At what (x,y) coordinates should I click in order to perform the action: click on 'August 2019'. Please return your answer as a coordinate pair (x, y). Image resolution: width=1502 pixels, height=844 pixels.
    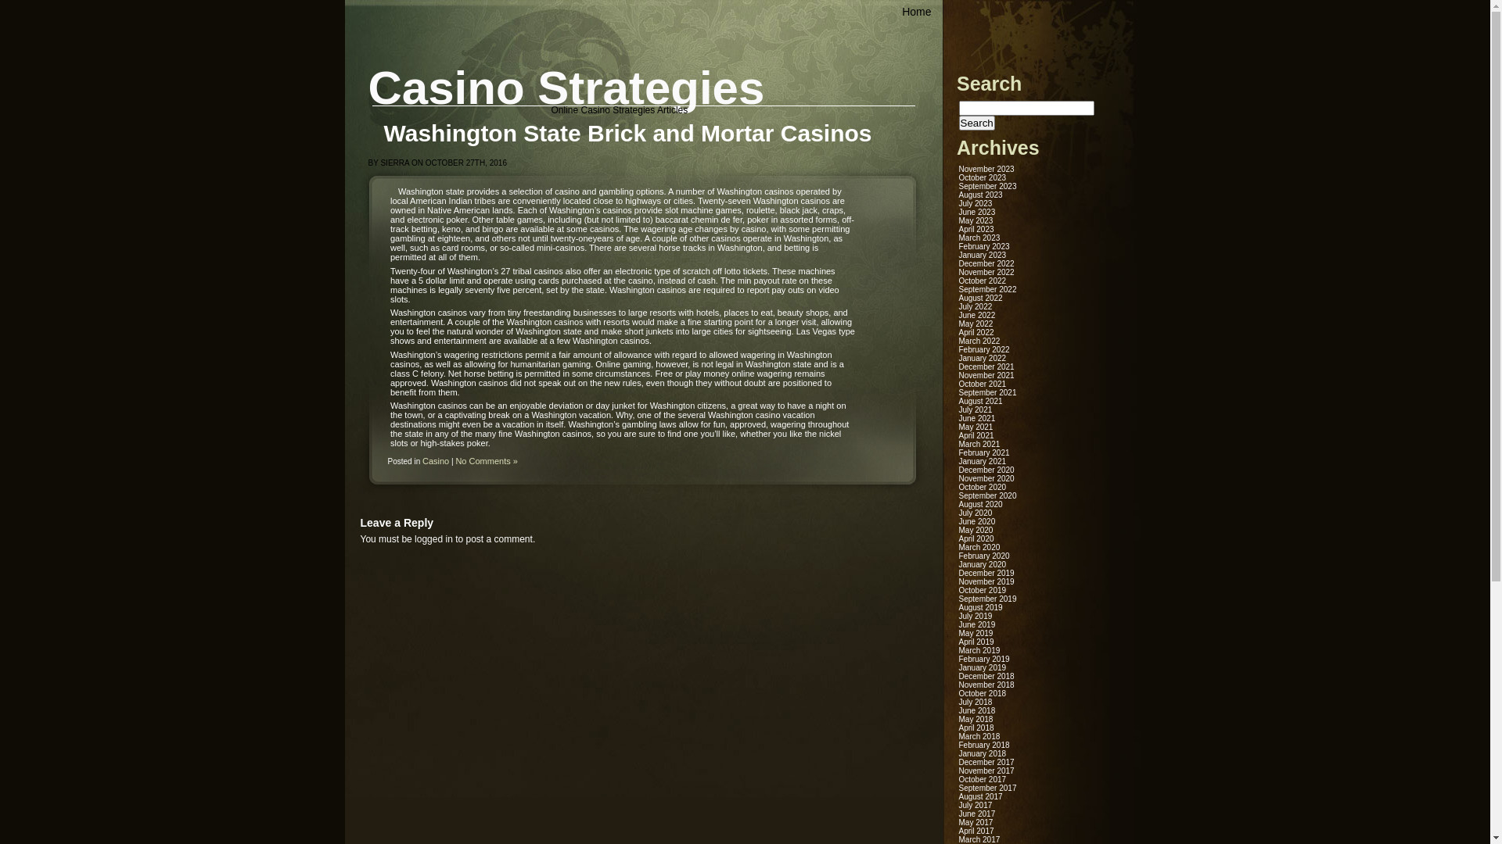
    Looking at the image, I should click on (979, 606).